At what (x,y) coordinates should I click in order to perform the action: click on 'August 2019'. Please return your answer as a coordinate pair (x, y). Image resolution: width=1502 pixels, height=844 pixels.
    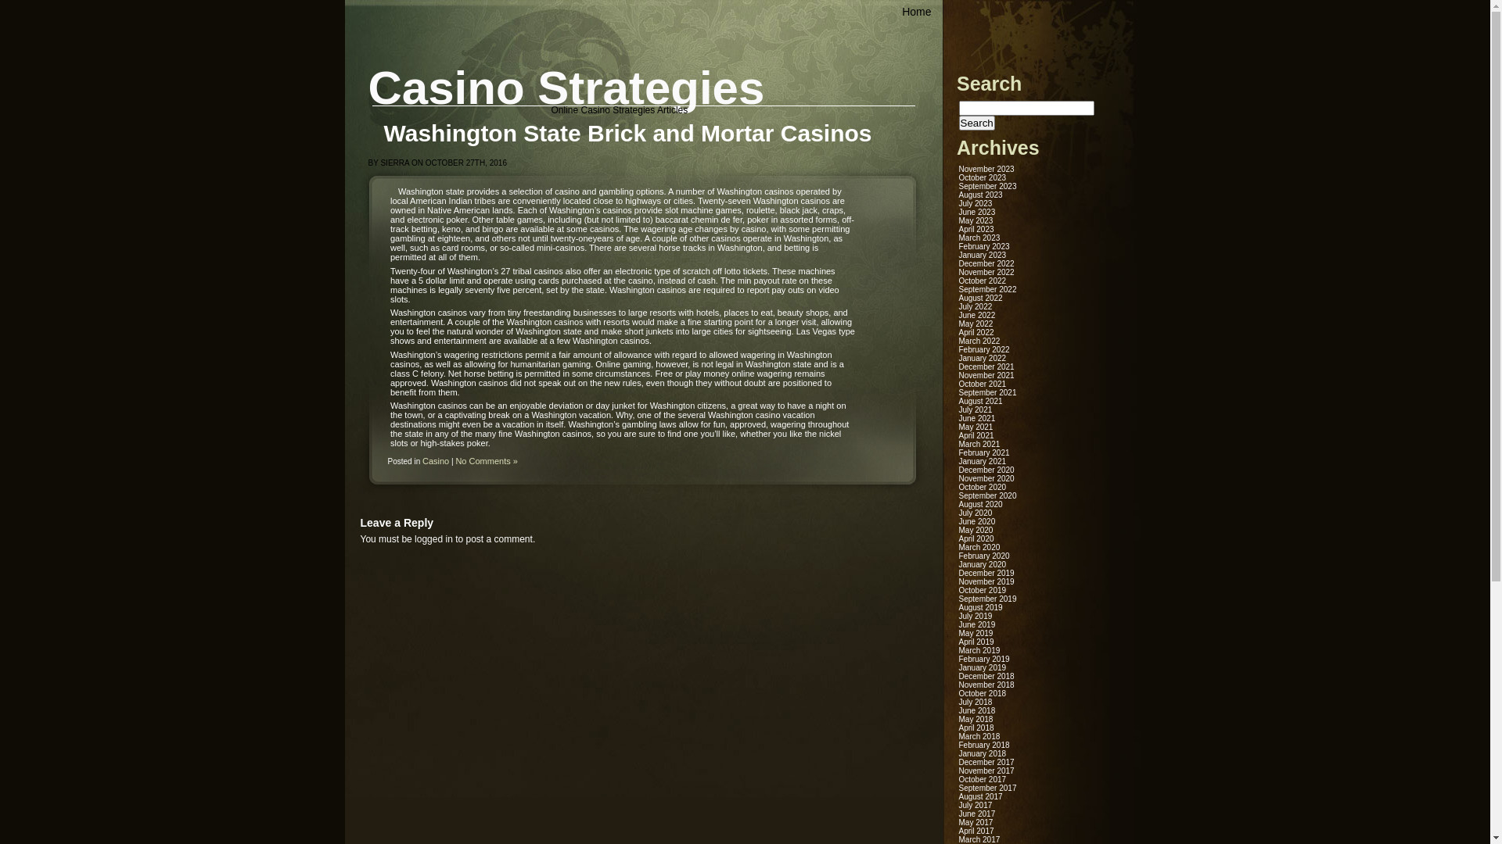
    Looking at the image, I should click on (979, 606).